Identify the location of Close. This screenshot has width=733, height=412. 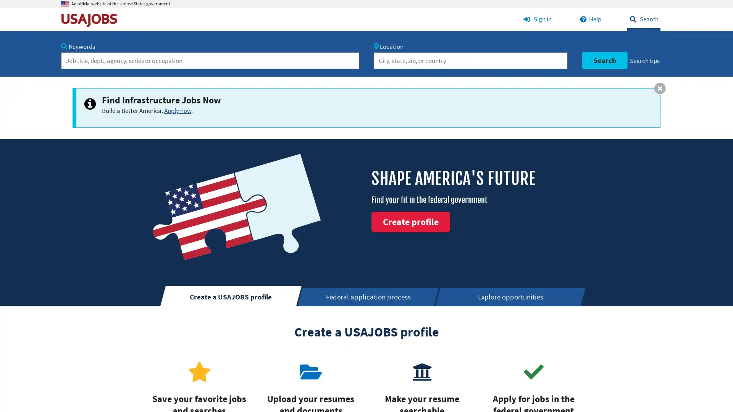
(659, 88).